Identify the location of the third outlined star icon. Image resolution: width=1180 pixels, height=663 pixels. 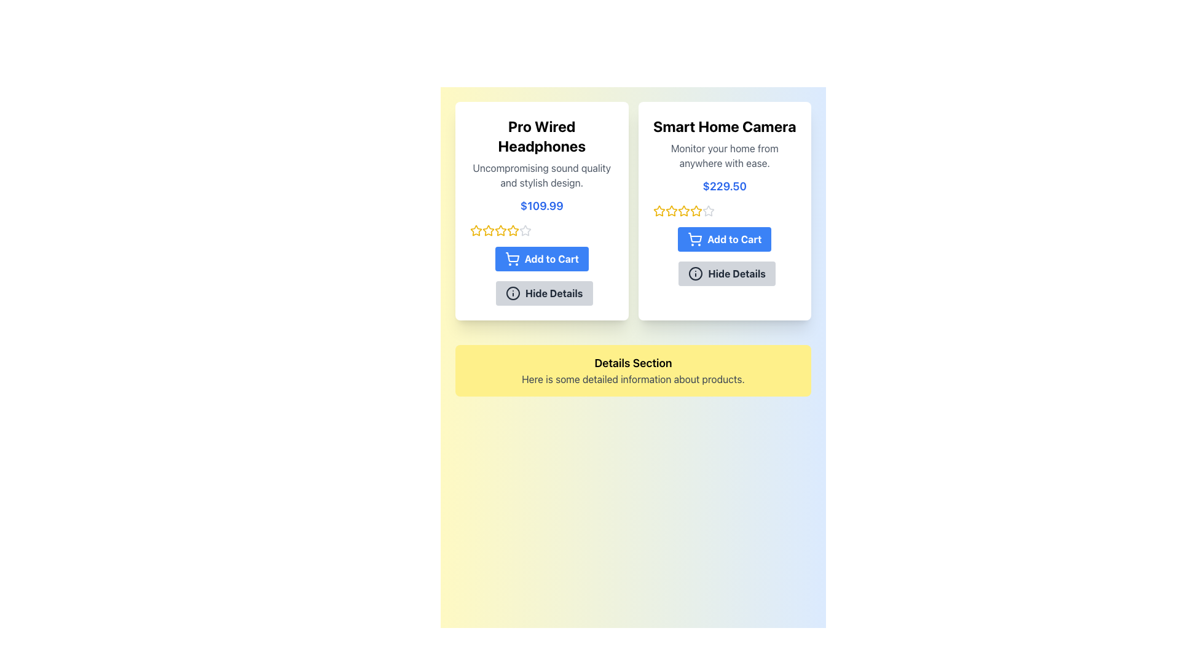
(683, 210).